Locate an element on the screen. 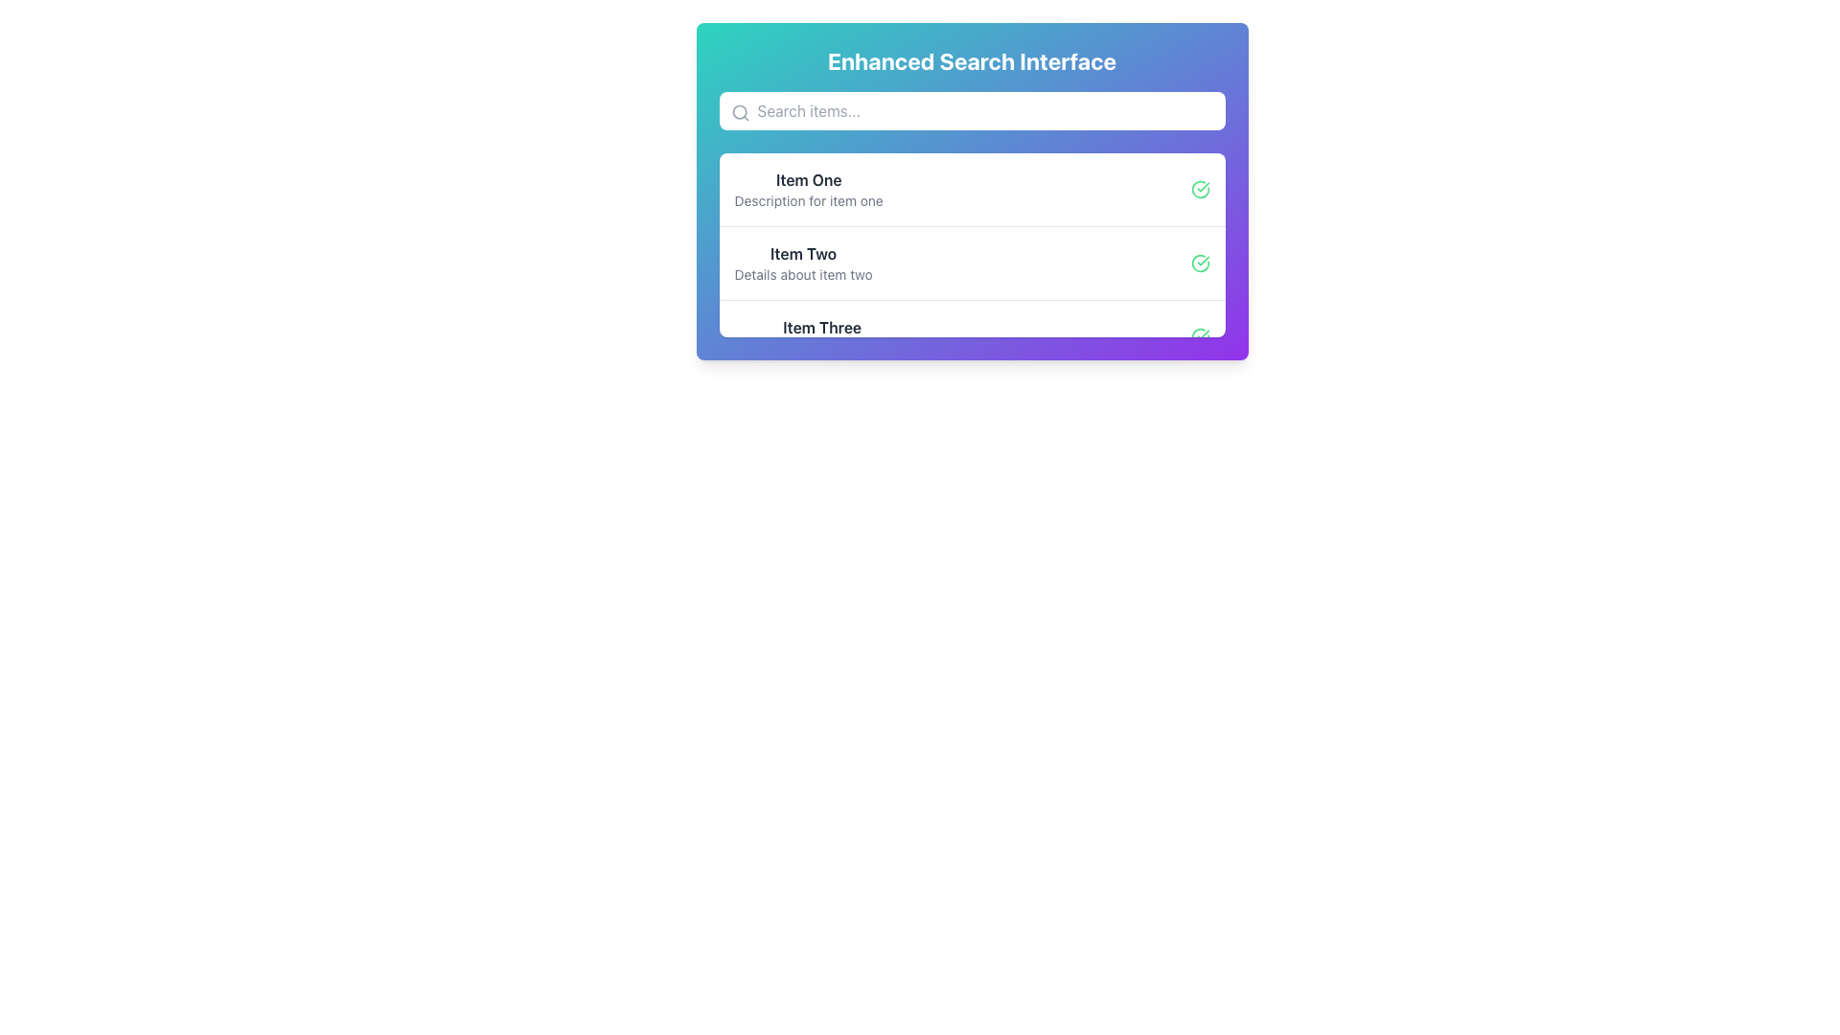 The height and width of the screenshot is (1035, 1840). the title text label for the group located above the 'Details about item two' text in the 'Enhanced Search Interface' section is located at coordinates (803, 253).